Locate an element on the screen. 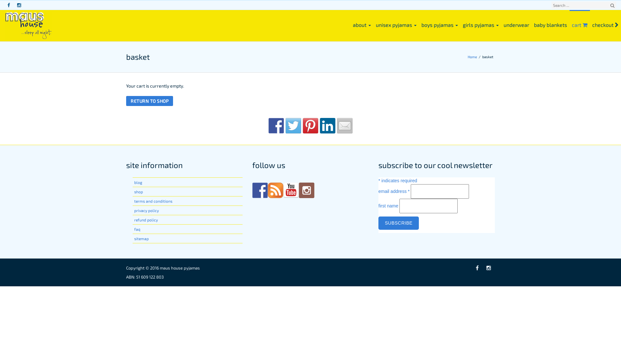 This screenshot has height=349, width=621. 'underwear' is located at coordinates (501, 24).